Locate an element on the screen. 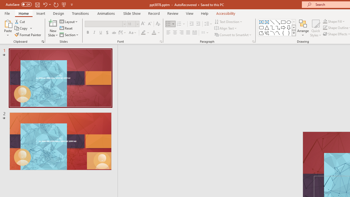 The width and height of the screenshot is (350, 197). 'Justify' is located at coordinates (188, 33).